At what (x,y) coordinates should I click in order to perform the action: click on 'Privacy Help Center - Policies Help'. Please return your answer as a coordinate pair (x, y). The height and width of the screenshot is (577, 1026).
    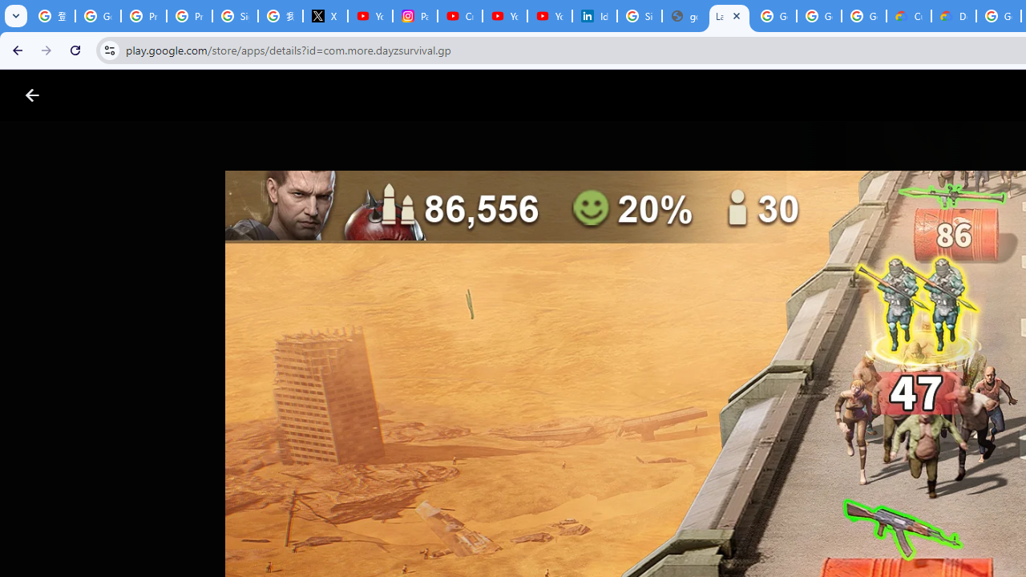
    Looking at the image, I should click on (189, 16).